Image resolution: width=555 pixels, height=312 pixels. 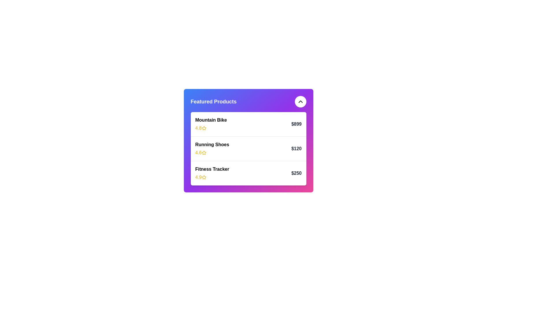 What do you see at coordinates (212, 173) in the screenshot?
I see `text content of the Text Label displaying 'Fitness Tracker' with a yellow '4.9' rating, which is the third entry in the product list` at bounding box center [212, 173].